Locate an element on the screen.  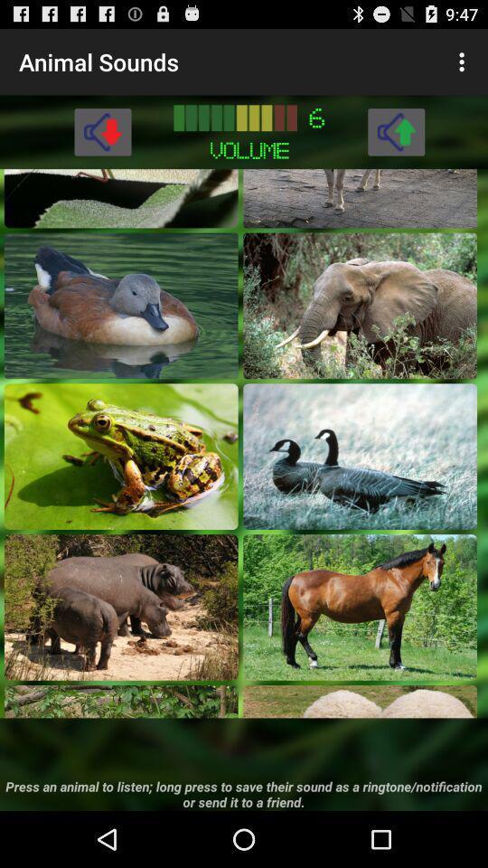
highlighted image is located at coordinates (360, 701).